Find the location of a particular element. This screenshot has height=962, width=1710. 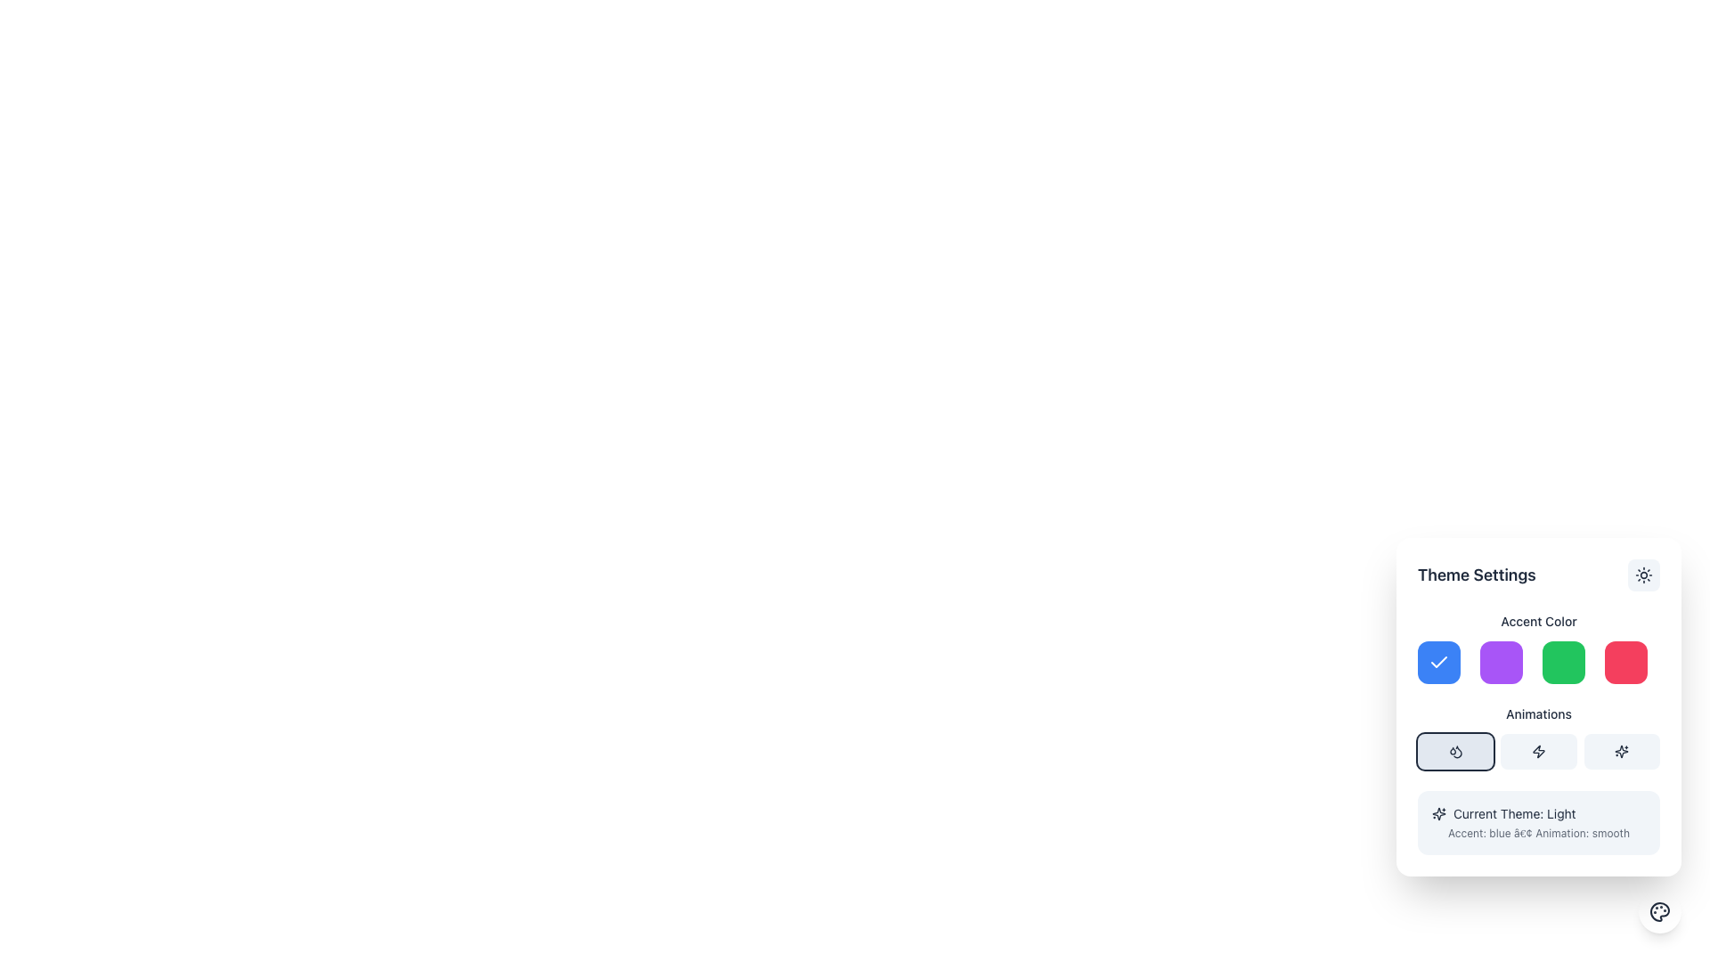

the static text label that displays information about the accent color as blue and the animation type as smooth, positioned below 'Current Theme: Light' in the settings panel is located at coordinates (1538, 834).